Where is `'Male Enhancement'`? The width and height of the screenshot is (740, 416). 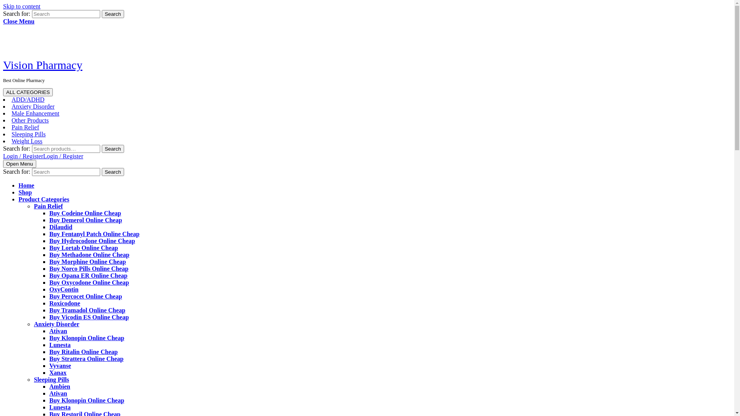 'Male Enhancement' is located at coordinates (11, 113).